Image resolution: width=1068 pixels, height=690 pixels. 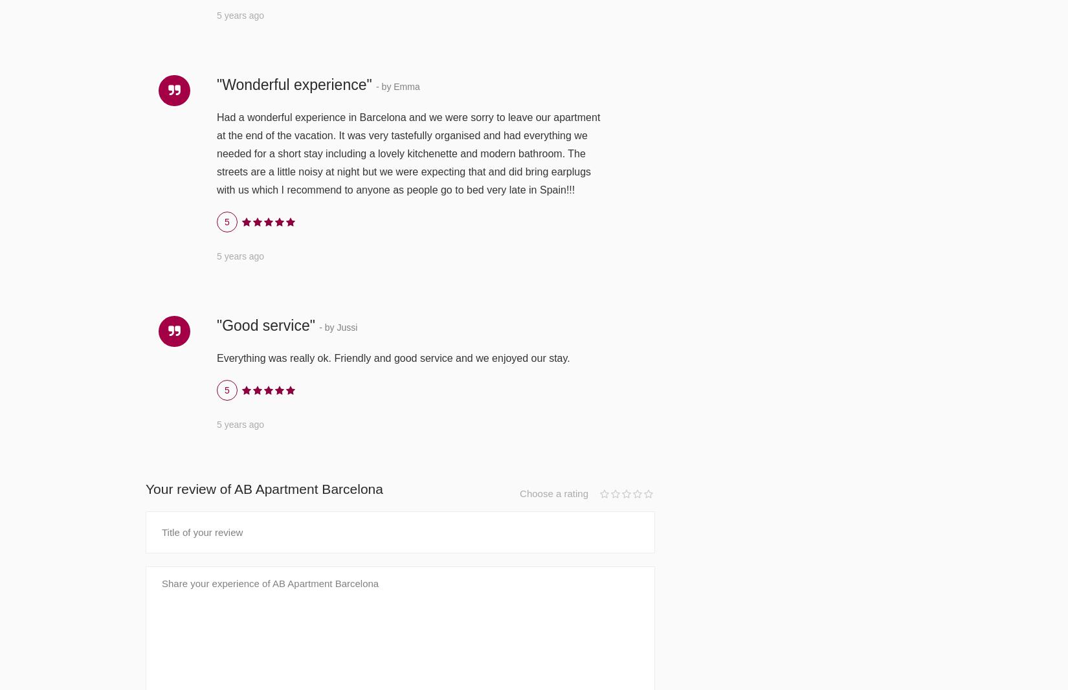 I want to click on 'Had a wonderful experience in Barcelona and we were sorry to leave our apartment at the end of the vacation. It was very tastefully organised and had everything we needed for a short stay including a lovely kitchenette and modern bathroom. The streets are a little noisy at night but we were expecting that and did bring earplugs with us which I recommend to anyone as people go to bed very late in Spain!!!', so click(x=407, y=152).